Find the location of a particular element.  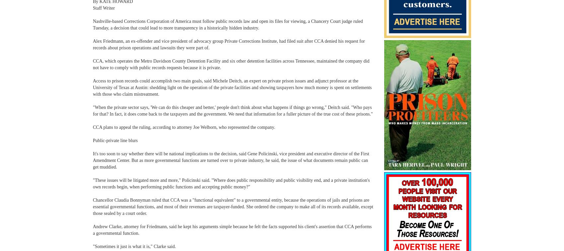

'It's too soon to say whether there will be national implications to the decision, said Gene Policinski, vice president and executive director of the First Amendment Center. But as more governmental functions are turned over to private industry, he said, the issue of what documents remain public can get muddied.' is located at coordinates (93, 160).